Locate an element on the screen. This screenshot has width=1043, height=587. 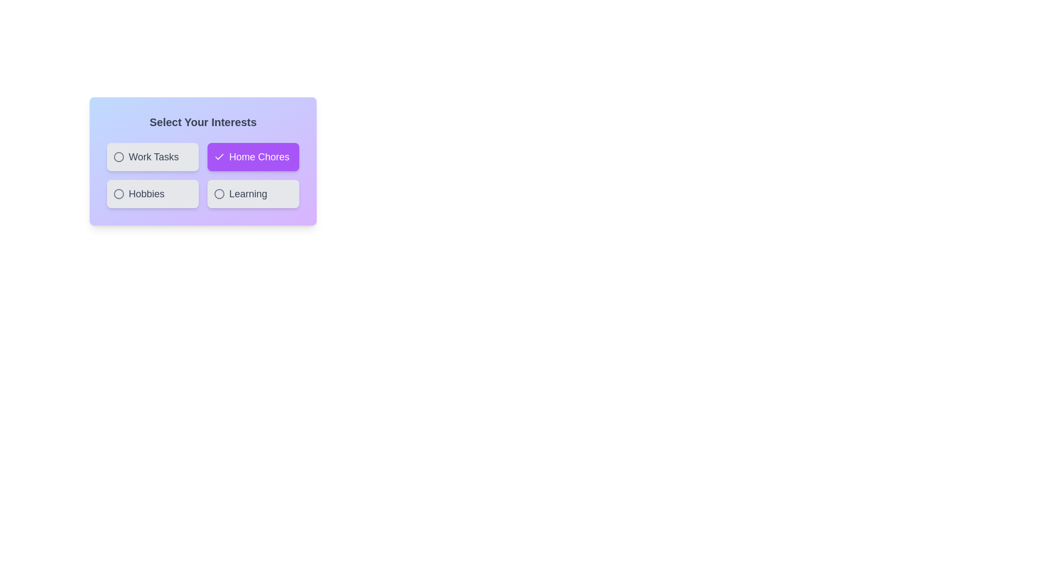
the chip labeled Learning to select or deselect it is located at coordinates (253, 193).